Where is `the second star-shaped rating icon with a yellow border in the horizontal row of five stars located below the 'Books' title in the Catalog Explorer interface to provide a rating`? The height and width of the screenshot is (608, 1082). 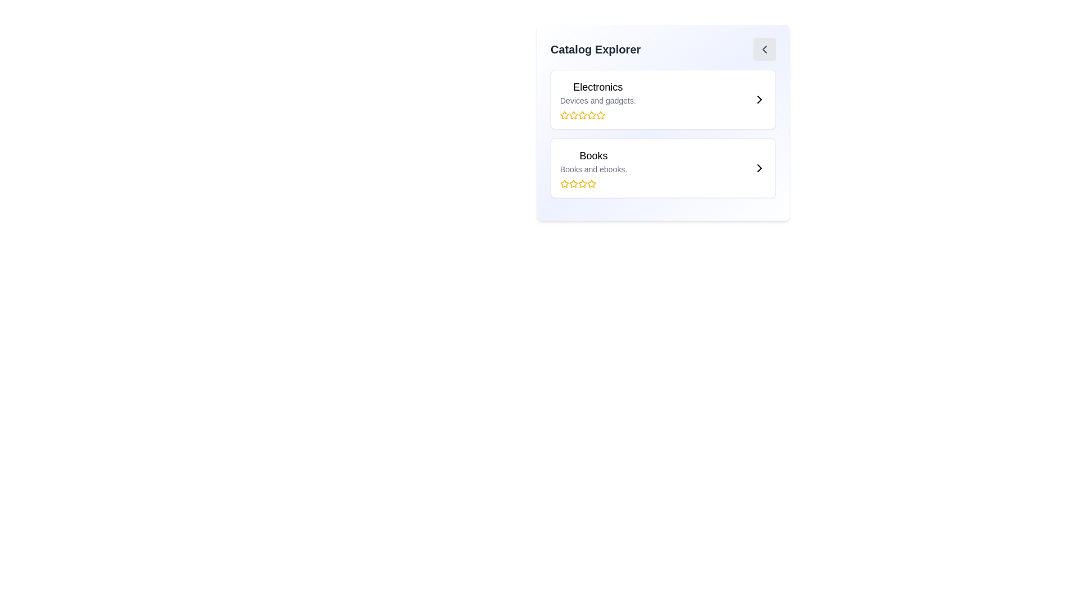
the second star-shaped rating icon with a yellow border in the horizontal row of five stars located below the 'Books' title in the Catalog Explorer interface to provide a rating is located at coordinates (573, 183).